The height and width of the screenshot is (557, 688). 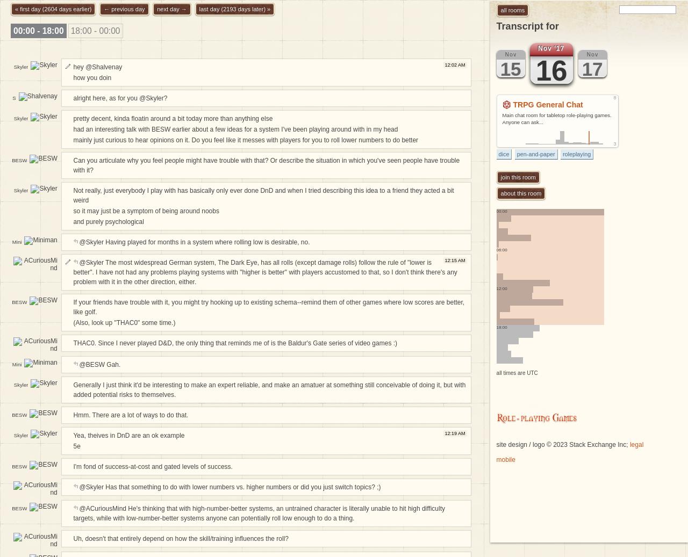 What do you see at coordinates (548, 104) in the screenshot?
I see `'TRPG General Chat'` at bounding box center [548, 104].